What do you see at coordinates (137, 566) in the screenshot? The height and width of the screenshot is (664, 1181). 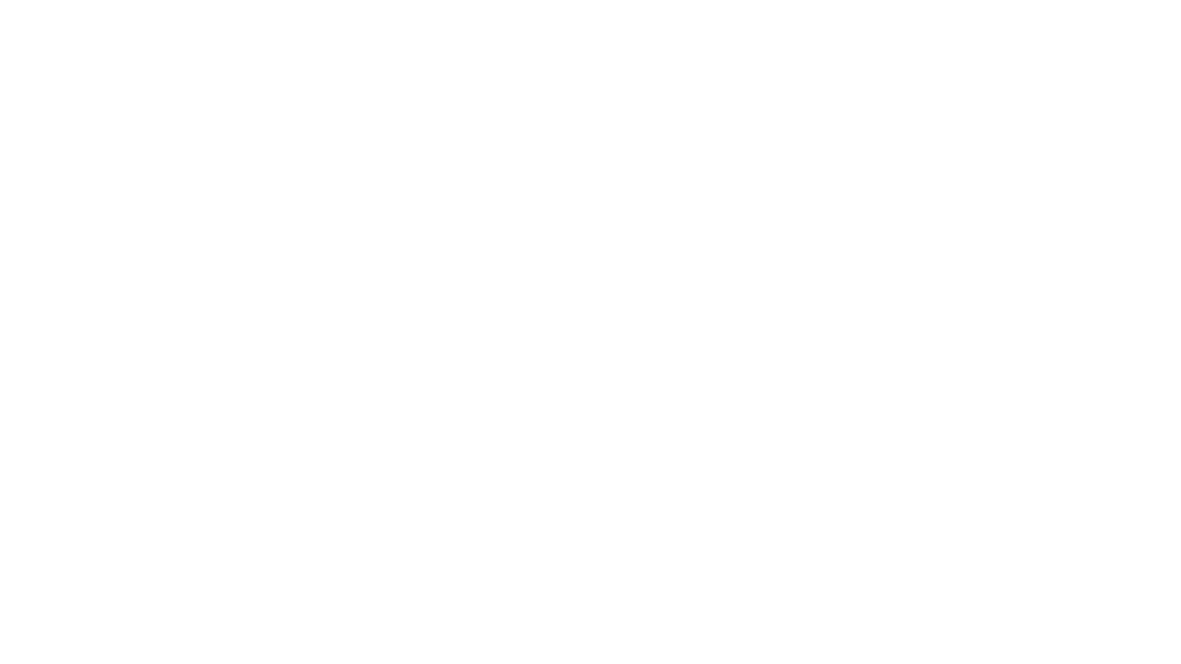 I see `Expand Business` at bounding box center [137, 566].